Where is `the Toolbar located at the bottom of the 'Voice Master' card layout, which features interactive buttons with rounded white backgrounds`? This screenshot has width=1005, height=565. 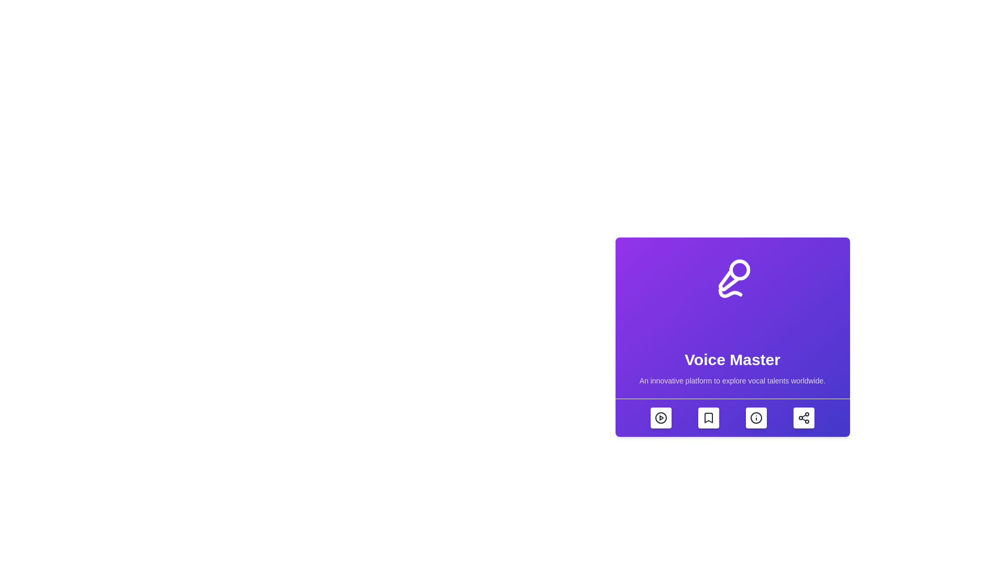
the Toolbar located at the bottom of the 'Voice Master' card layout, which features interactive buttons with rounded white backgrounds is located at coordinates (732, 417).